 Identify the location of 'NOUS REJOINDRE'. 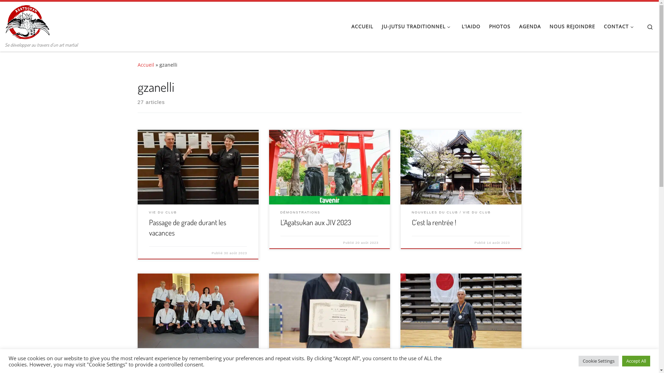
(572, 26).